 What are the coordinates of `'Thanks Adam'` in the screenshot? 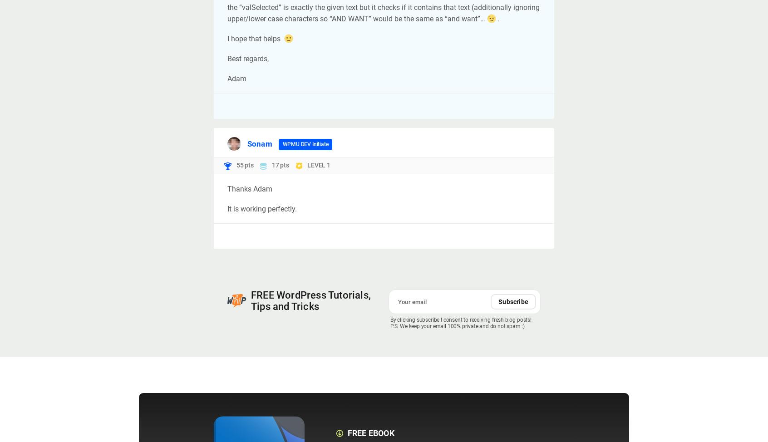 It's located at (227, 188).